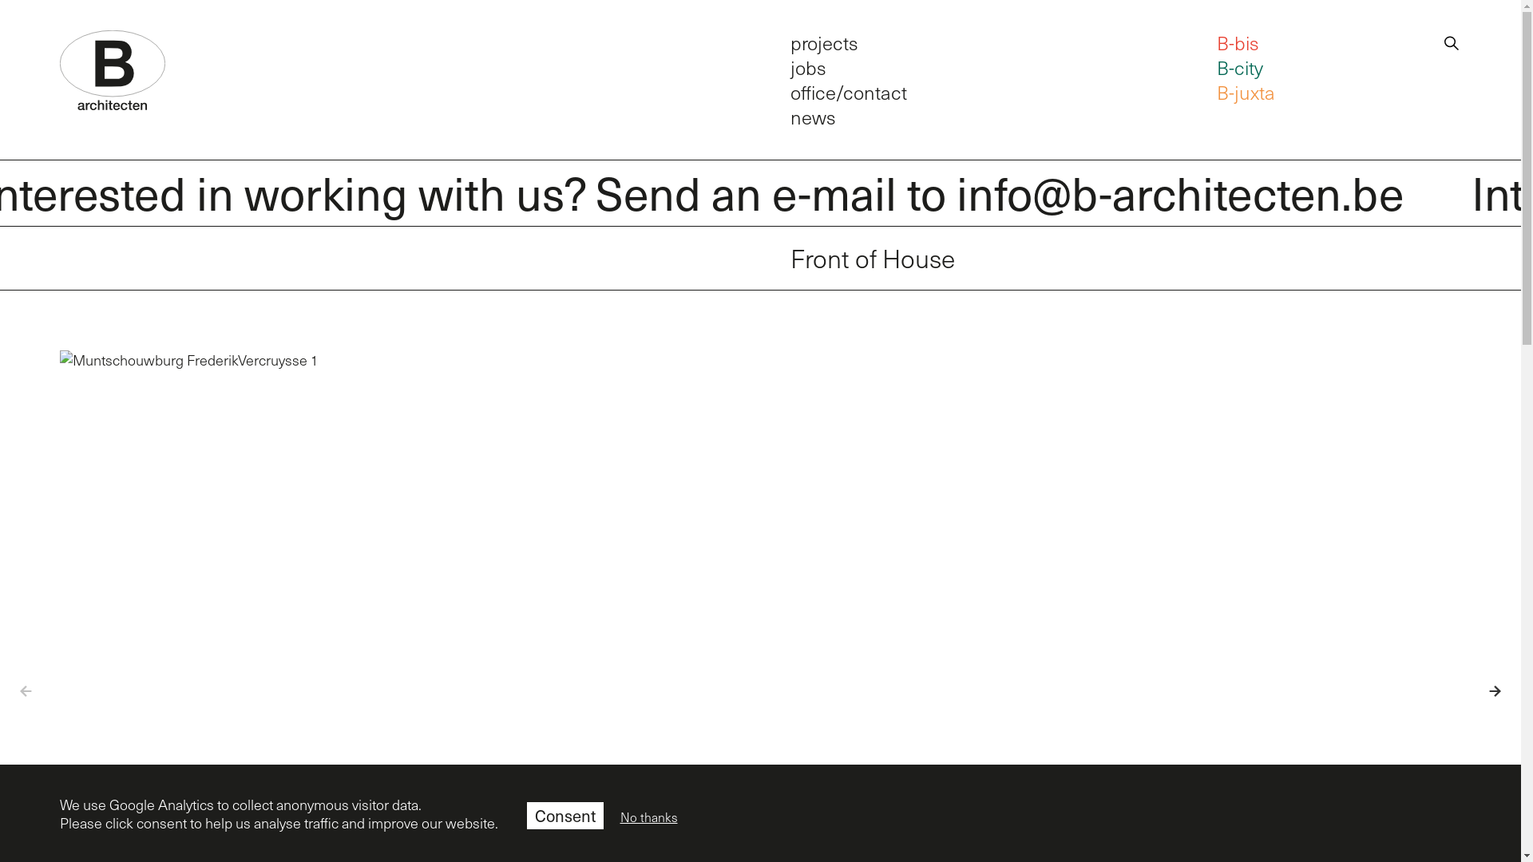  What do you see at coordinates (808, 66) in the screenshot?
I see `'jobs'` at bounding box center [808, 66].